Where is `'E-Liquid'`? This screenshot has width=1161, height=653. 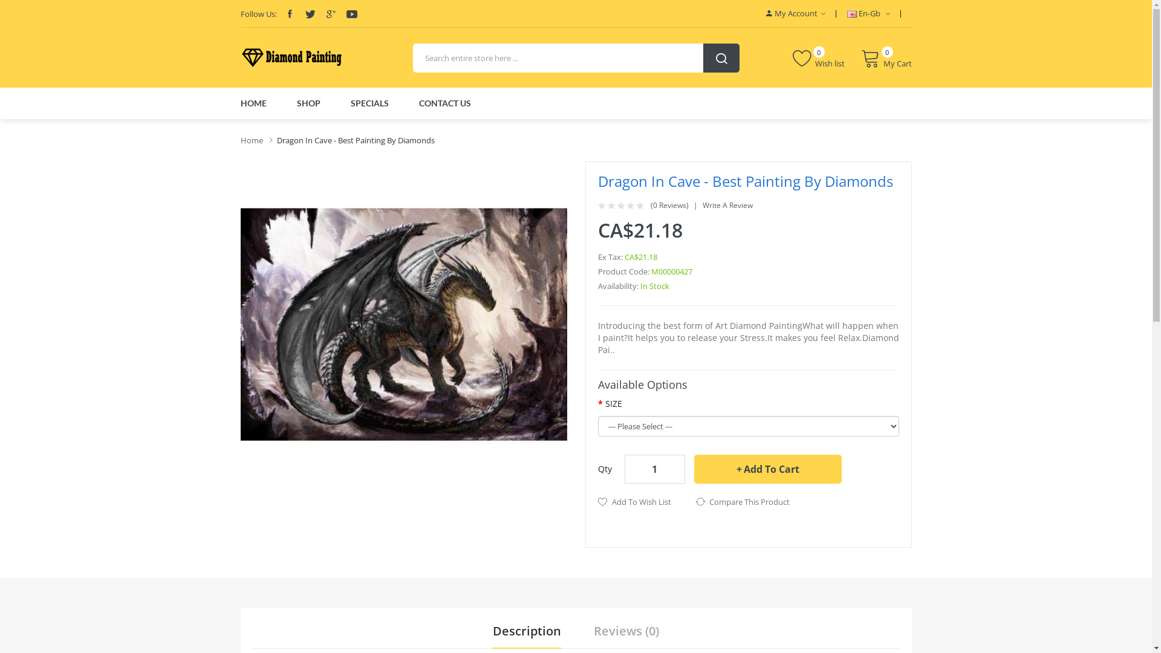 'E-Liquid' is located at coordinates (317, 125).